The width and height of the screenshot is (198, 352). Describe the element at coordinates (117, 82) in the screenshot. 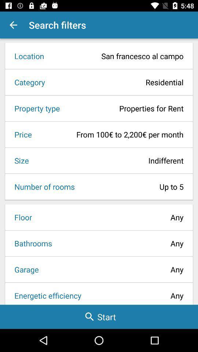

I see `icon to the right of the category` at that location.